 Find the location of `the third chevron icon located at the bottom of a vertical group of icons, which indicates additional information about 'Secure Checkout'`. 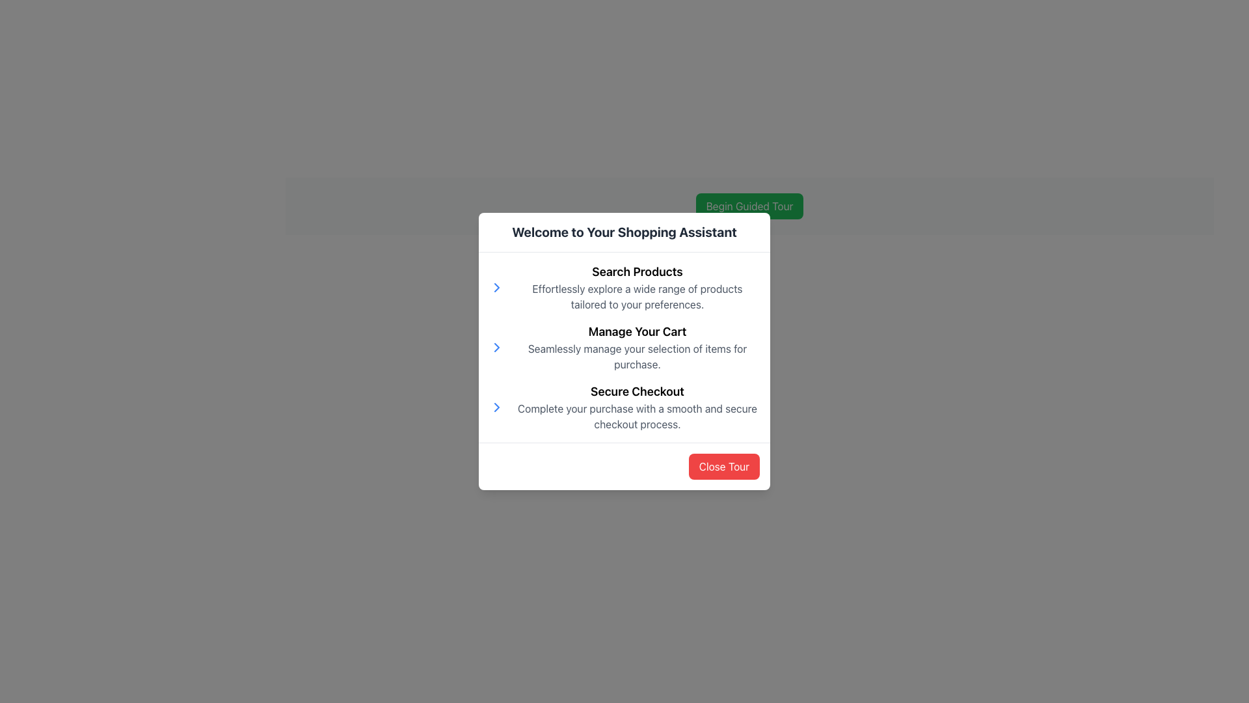

the third chevron icon located at the bottom of a vertical group of icons, which indicates additional information about 'Secure Checkout' is located at coordinates (496, 406).